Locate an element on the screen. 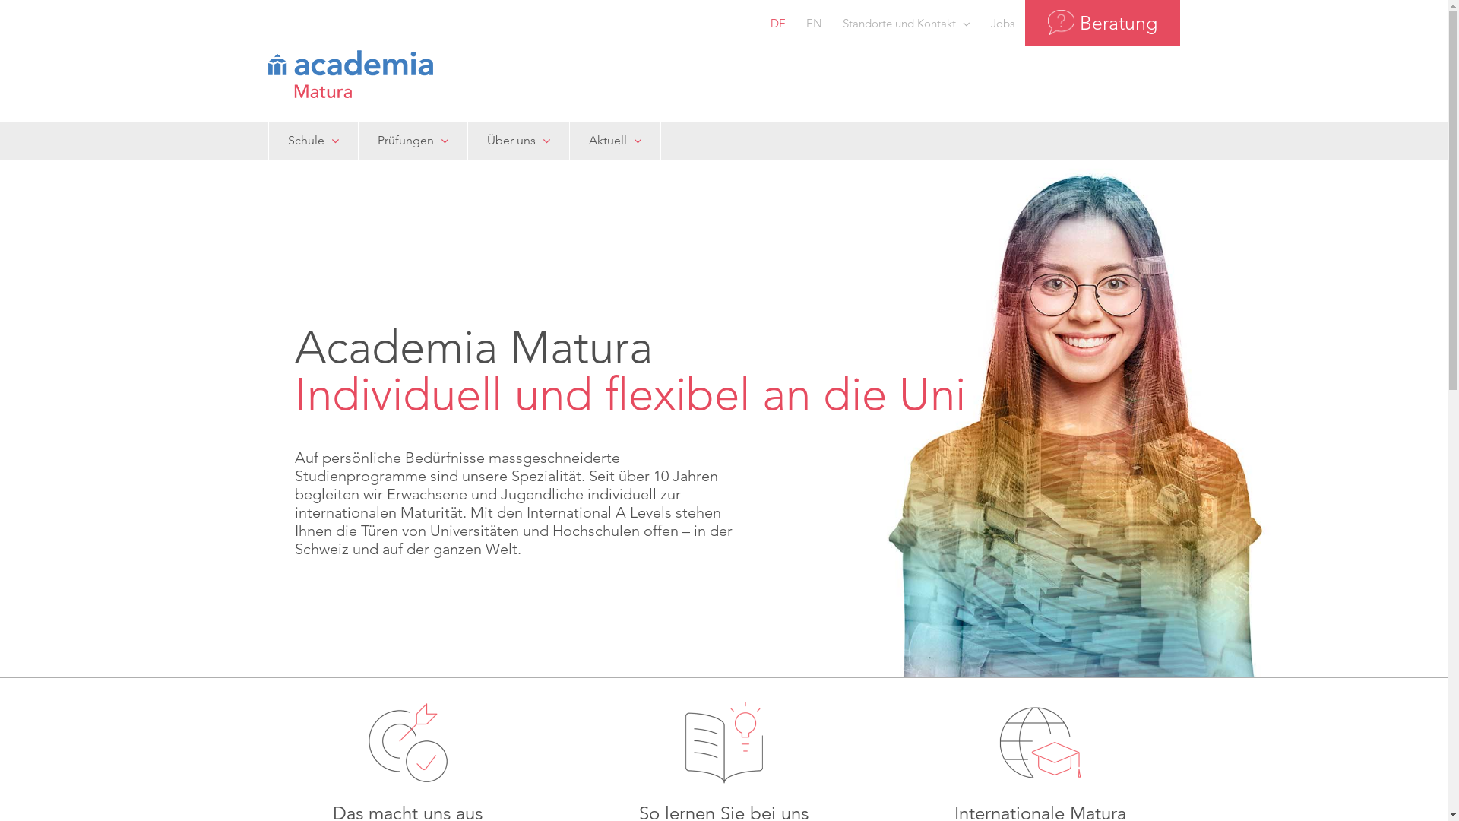  'Standorte und Kontakt' is located at coordinates (831, 23).